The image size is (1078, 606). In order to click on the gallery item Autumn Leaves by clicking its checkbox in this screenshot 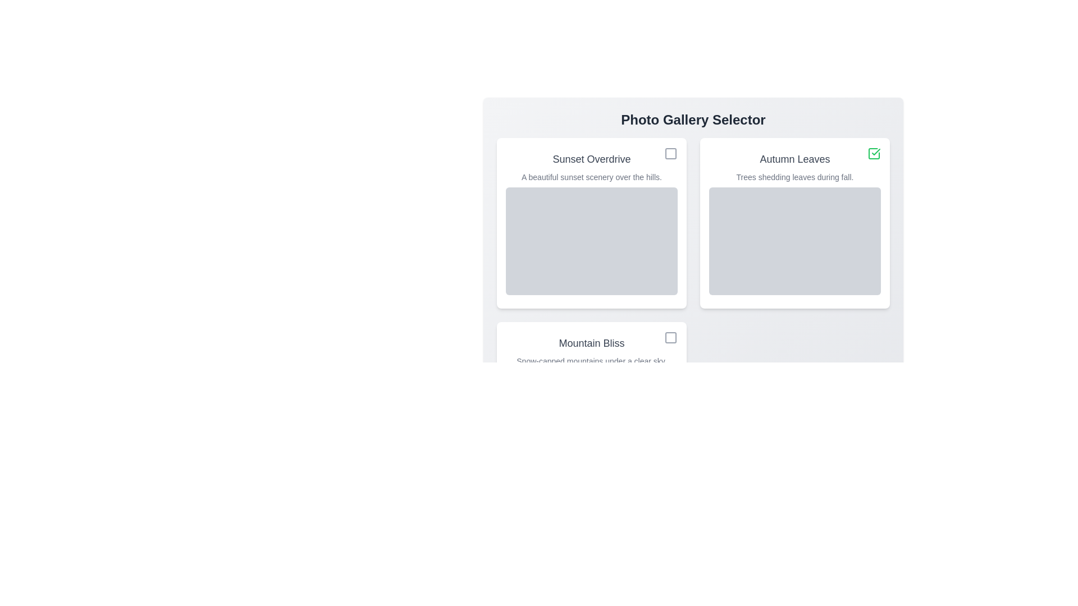, I will do `click(873, 153)`.